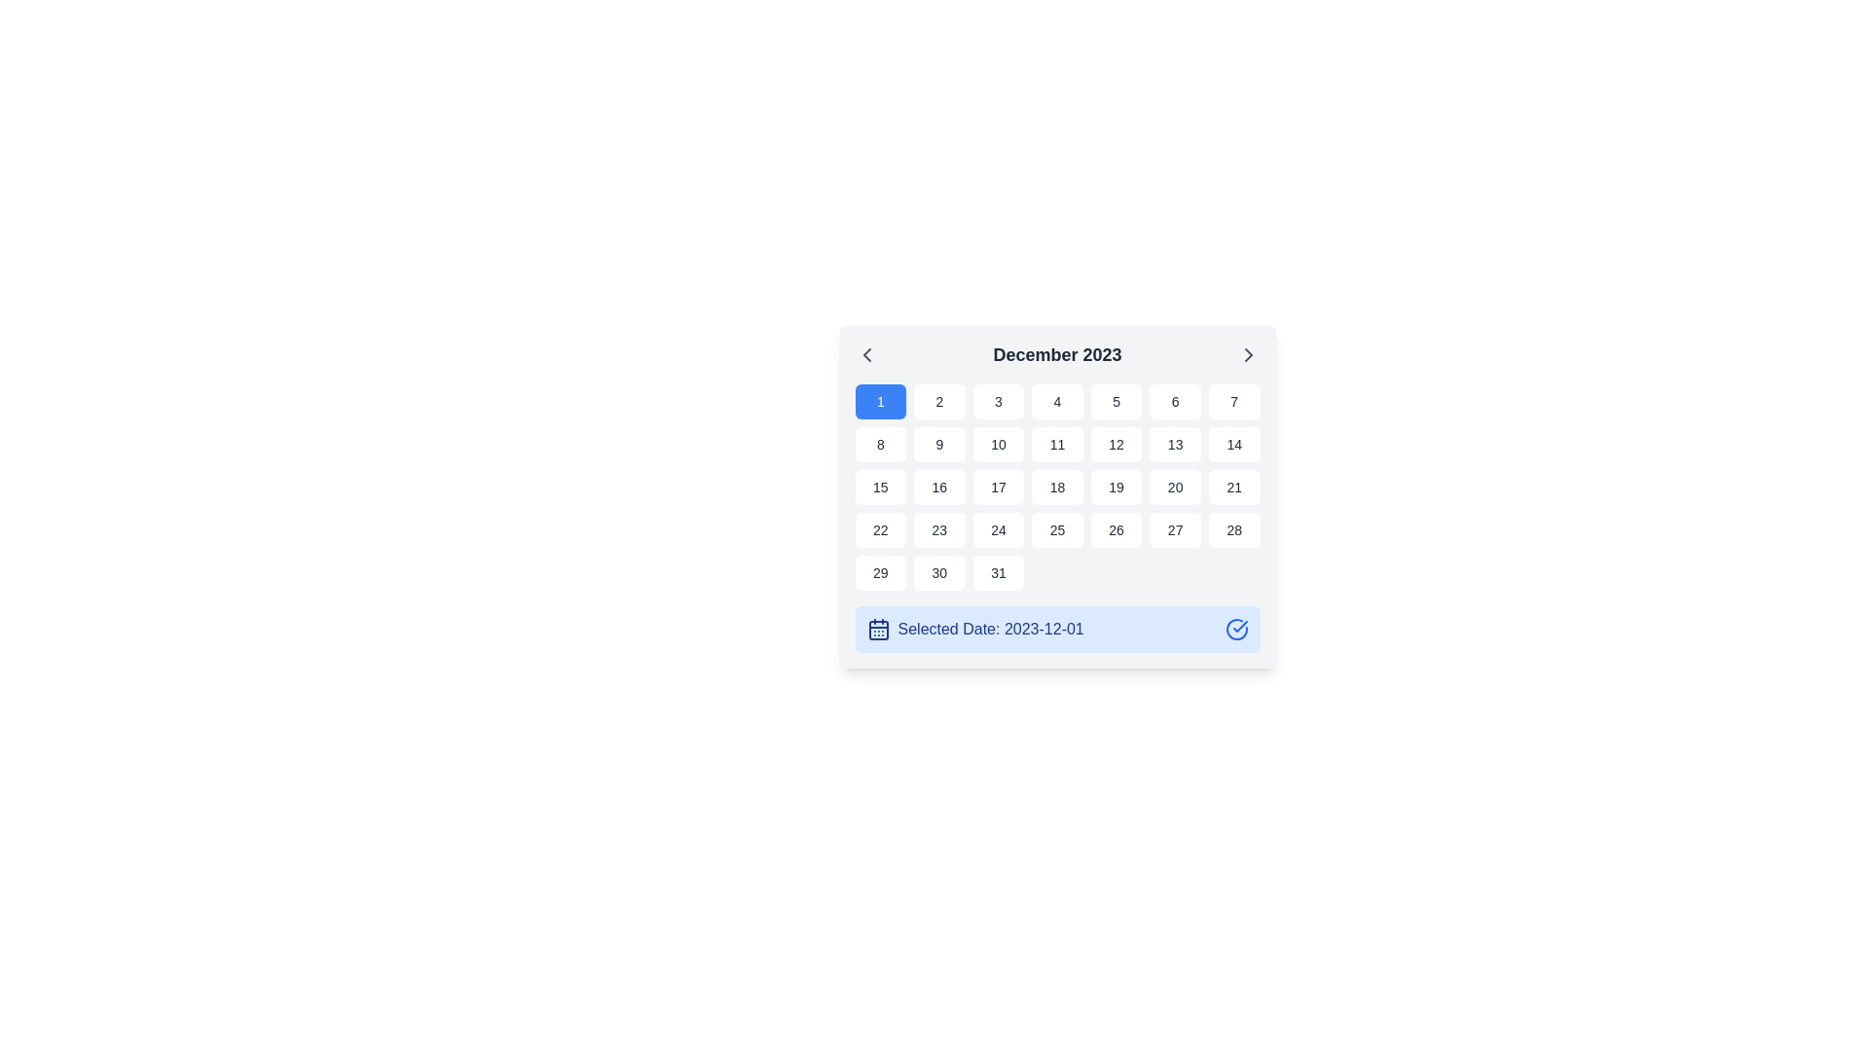  Describe the element at coordinates (1233, 529) in the screenshot. I see `the interactive calendar cell displaying the number '28'` at that location.